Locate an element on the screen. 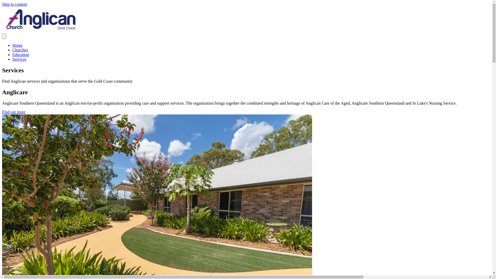 This screenshot has height=279, width=496. 'Find out more' is located at coordinates (14, 112).